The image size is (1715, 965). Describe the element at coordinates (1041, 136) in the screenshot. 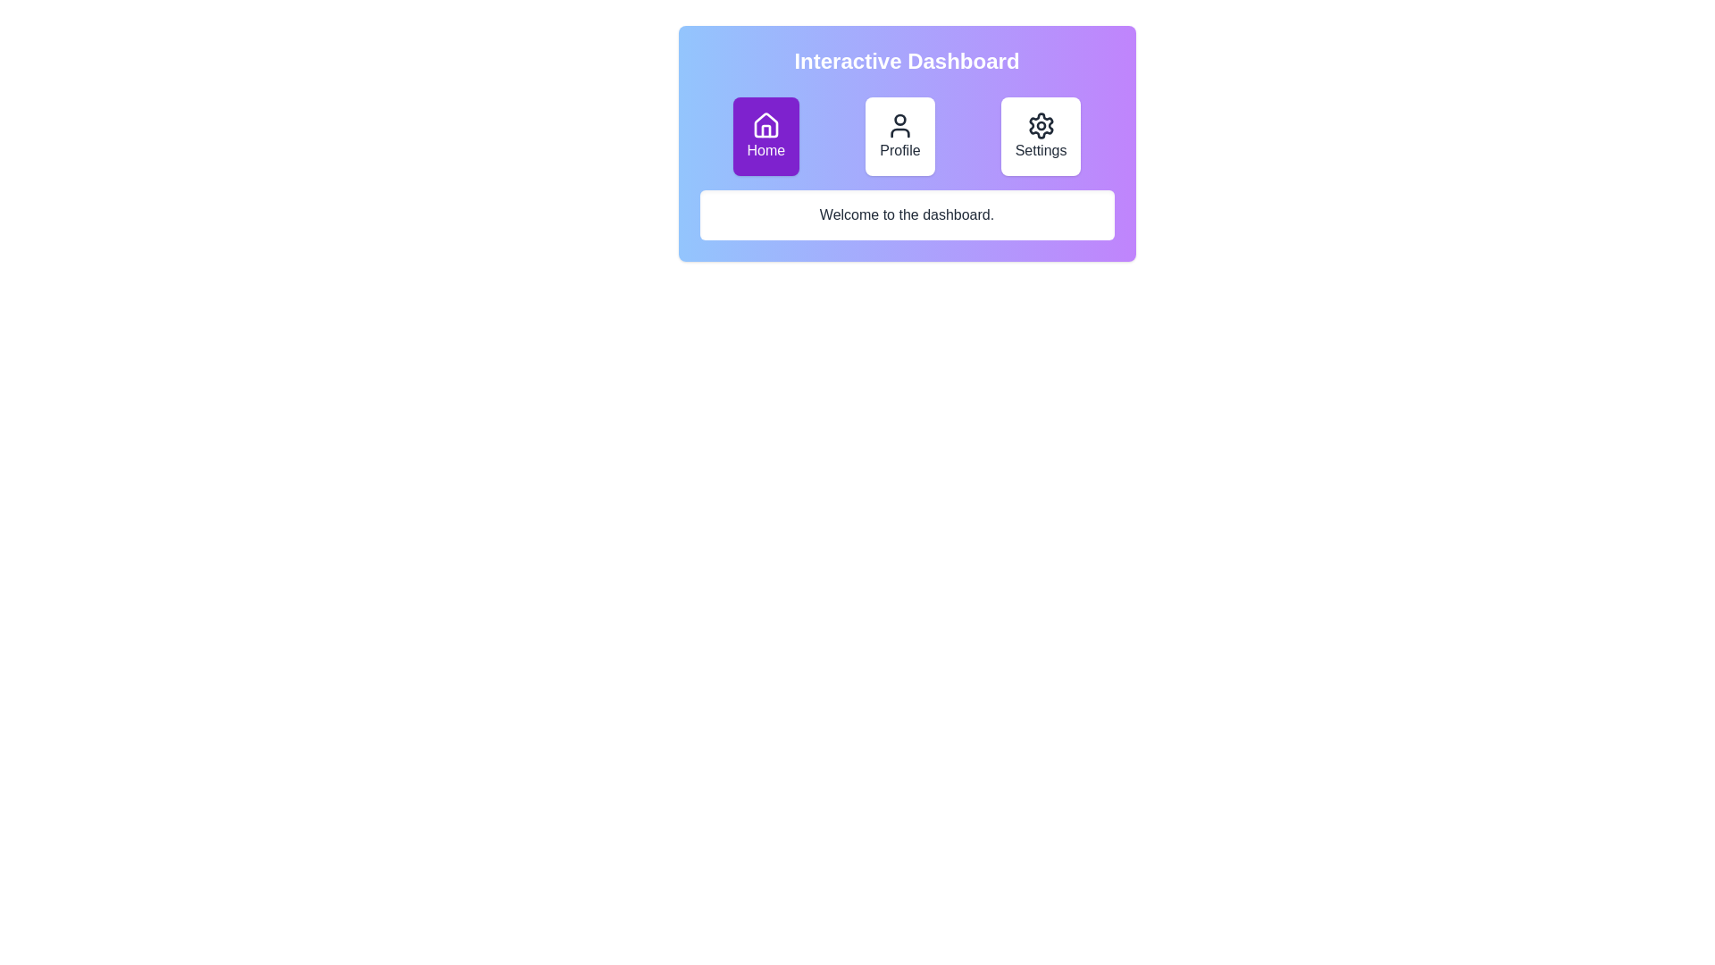

I see `the Settings tab by clicking the corresponding button` at that location.